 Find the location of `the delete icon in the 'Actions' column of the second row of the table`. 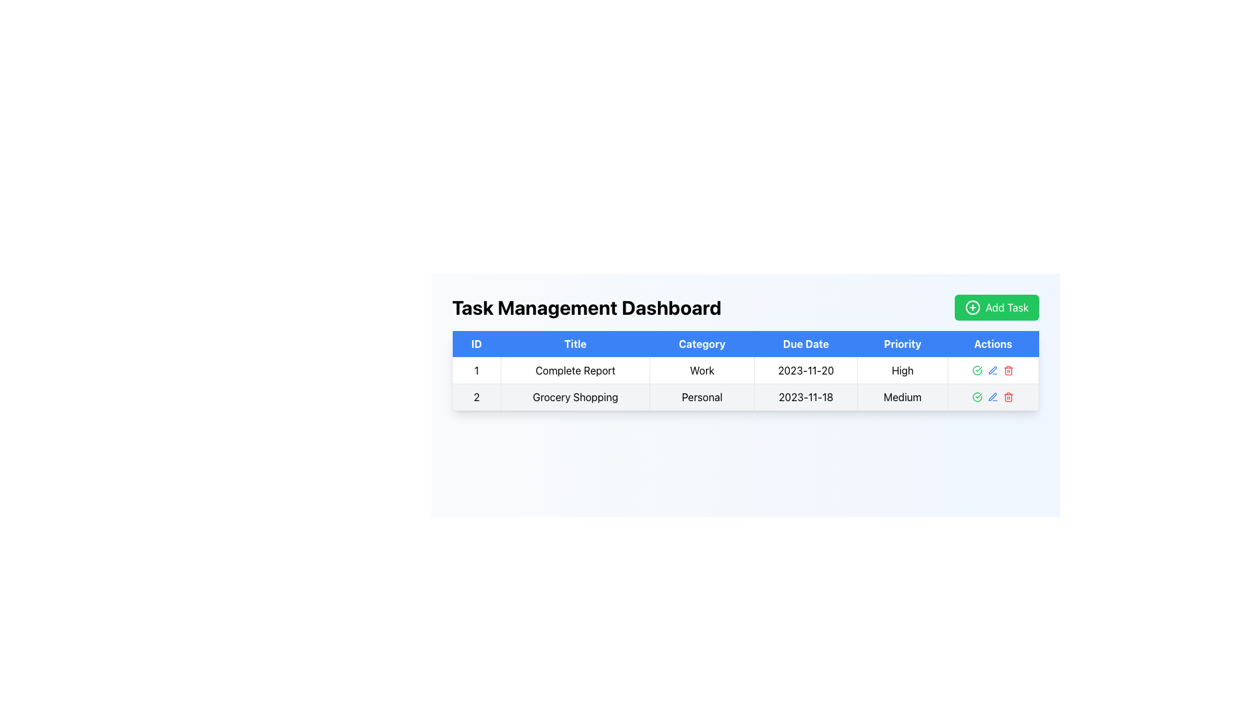

the delete icon in the 'Actions' column of the second row of the table is located at coordinates (1008, 371).